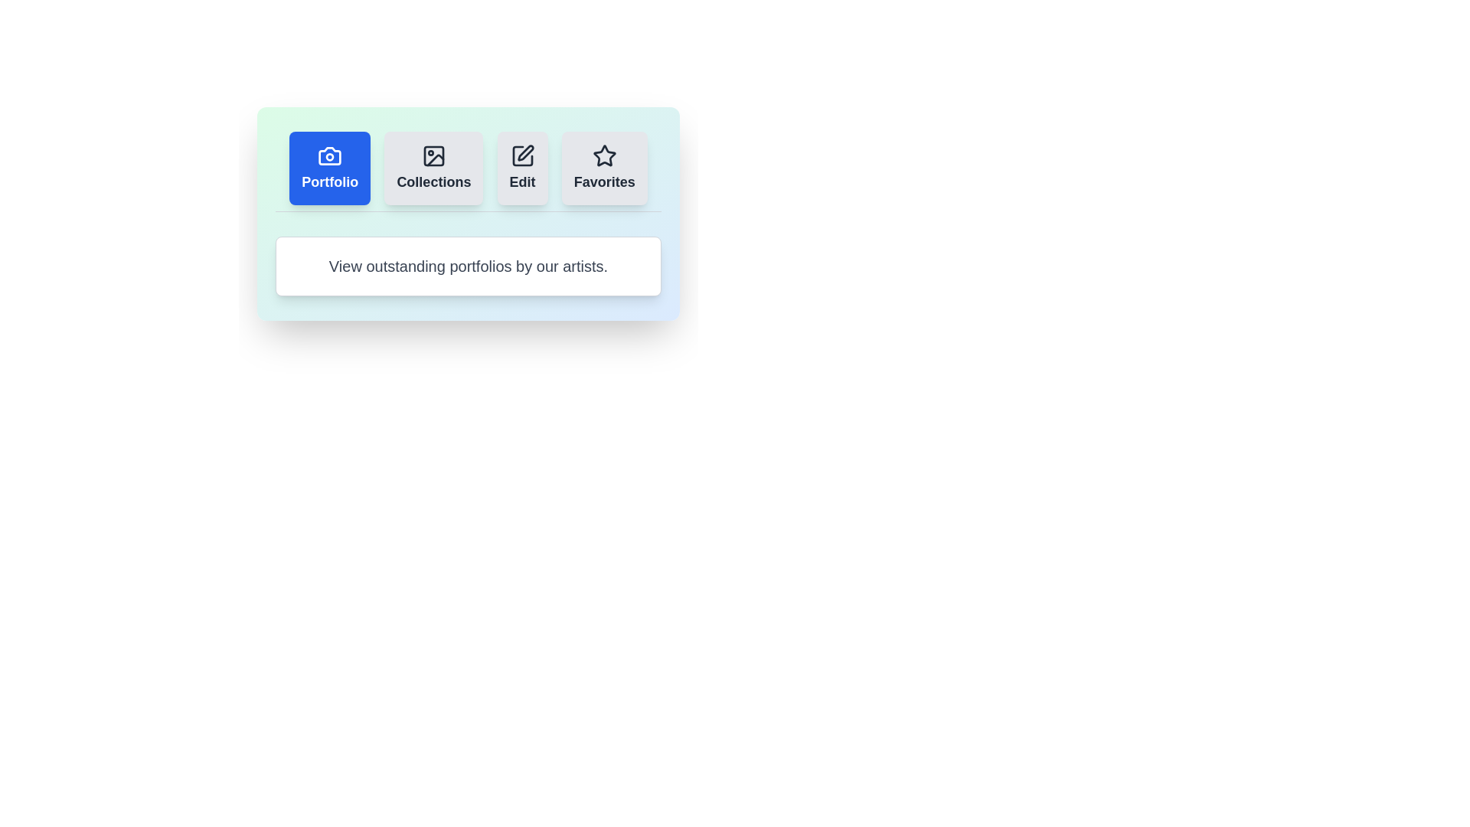 Image resolution: width=1470 pixels, height=827 pixels. What do you see at coordinates (522, 168) in the screenshot?
I see `the Edit tab by clicking on its button` at bounding box center [522, 168].